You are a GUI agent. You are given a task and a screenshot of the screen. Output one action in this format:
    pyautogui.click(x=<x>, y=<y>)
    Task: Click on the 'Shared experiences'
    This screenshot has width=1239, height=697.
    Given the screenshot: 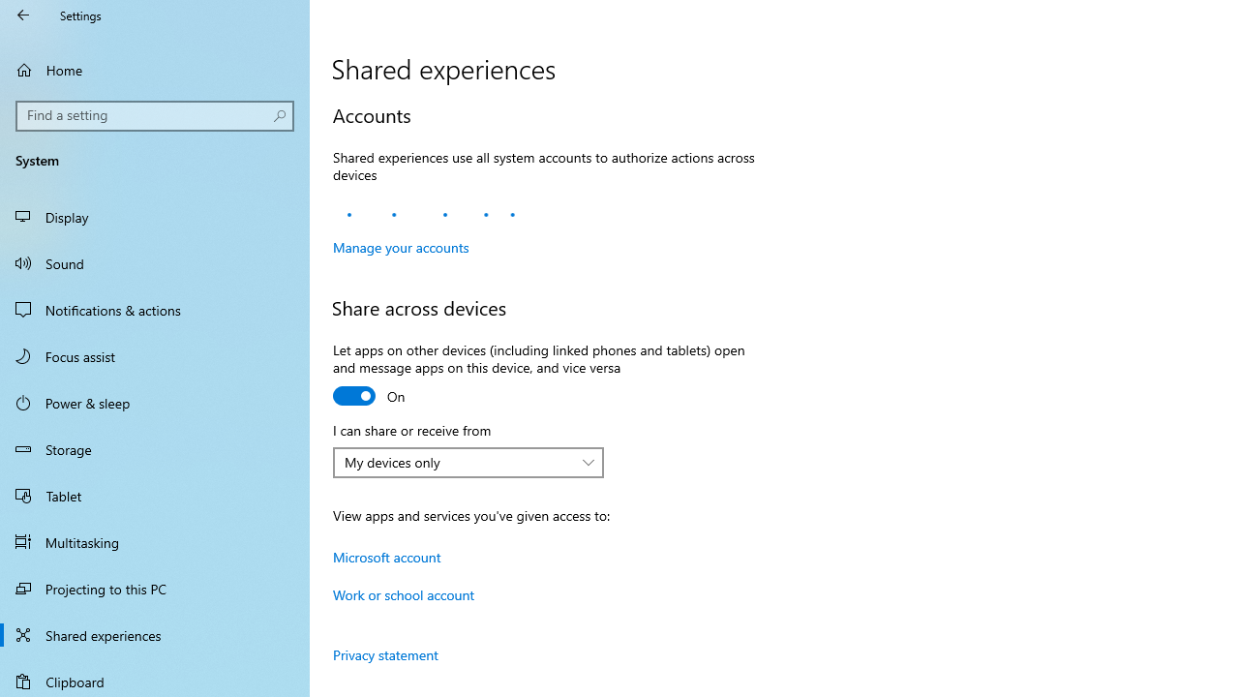 What is the action you would take?
    pyautogui.click(x=155, y=634)
    